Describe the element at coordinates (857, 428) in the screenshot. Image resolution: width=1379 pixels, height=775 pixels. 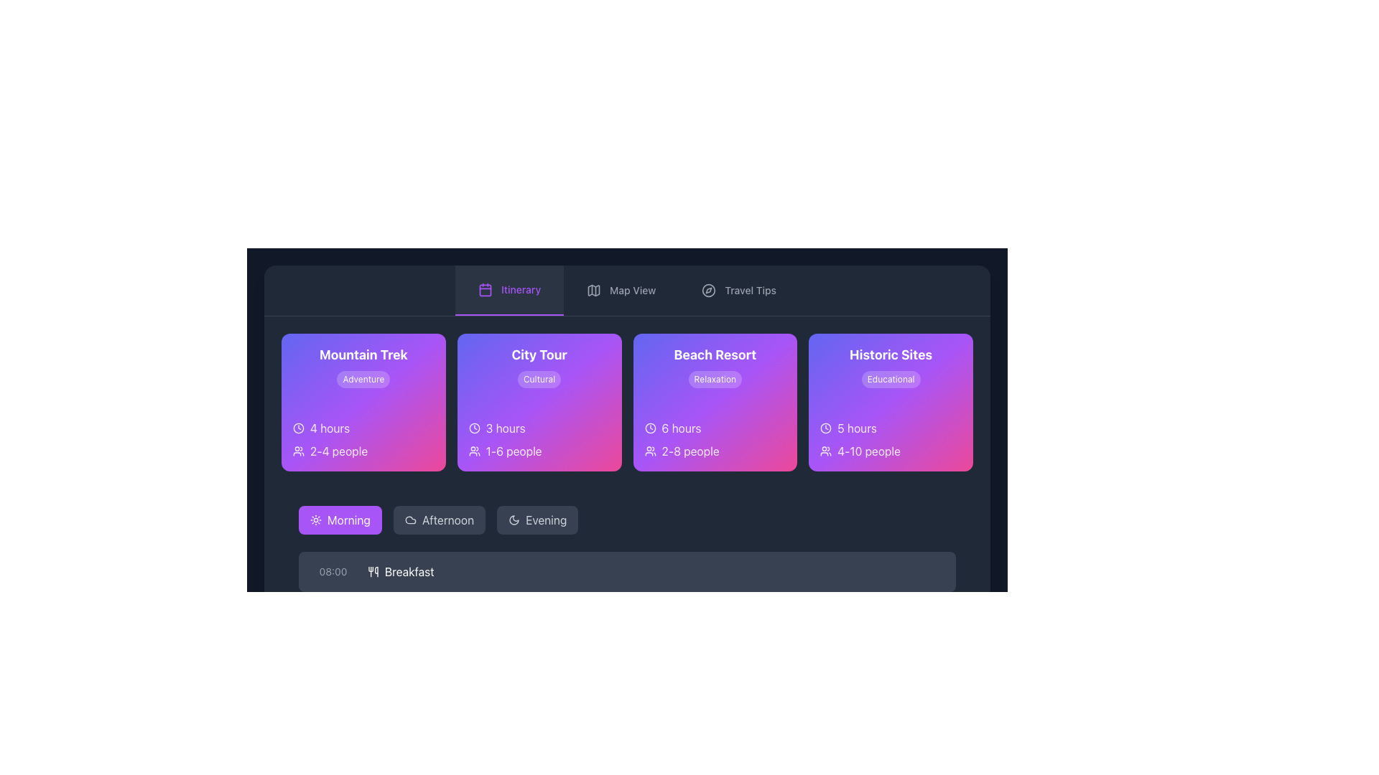
I see `the text label displaying '5 hours' in white font on a purple background, located within the 'Historic Sites' card and to the right of the clock icon` at that location.